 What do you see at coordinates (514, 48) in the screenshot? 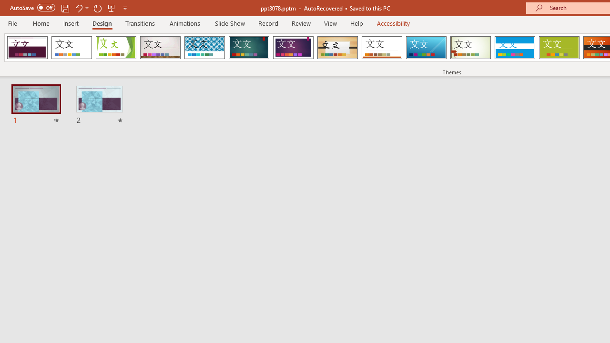
I see `'Banded'` at bounding box center [514, 48].